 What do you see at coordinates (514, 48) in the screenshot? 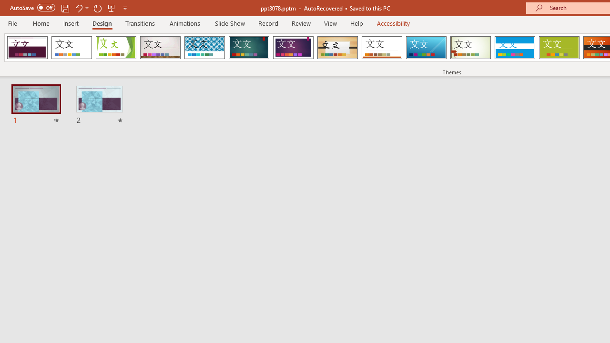
I see `'Banded'` at bounding box center [514, 48].